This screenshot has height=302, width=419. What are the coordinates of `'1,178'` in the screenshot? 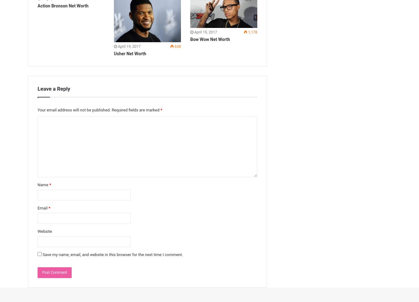 It's located at (252, 32).